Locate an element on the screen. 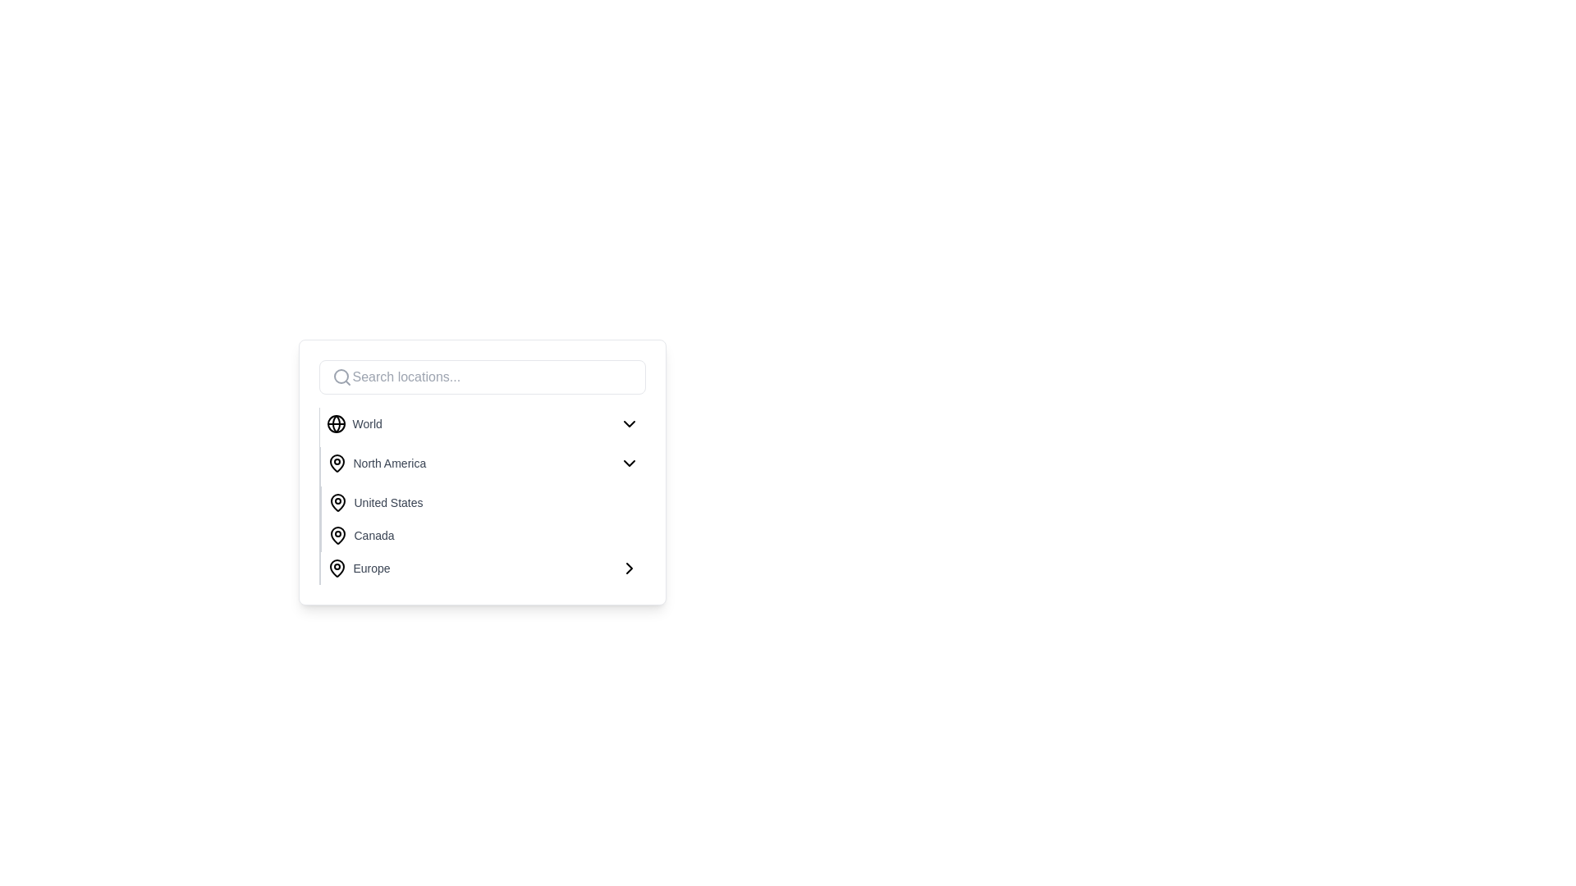  the rightward-pointing chevron icon used for navigation, which is aligned to the far right of the 'Europe' menu item in the dropdown list is located at coordinates (628, 568).